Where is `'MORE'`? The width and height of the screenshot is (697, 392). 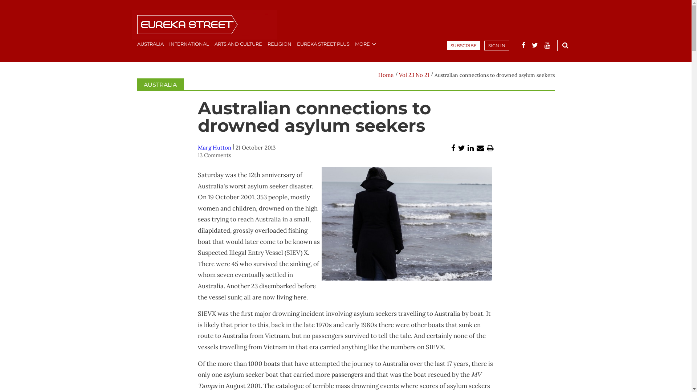
'MORE' is located at coordinates (362, 44).